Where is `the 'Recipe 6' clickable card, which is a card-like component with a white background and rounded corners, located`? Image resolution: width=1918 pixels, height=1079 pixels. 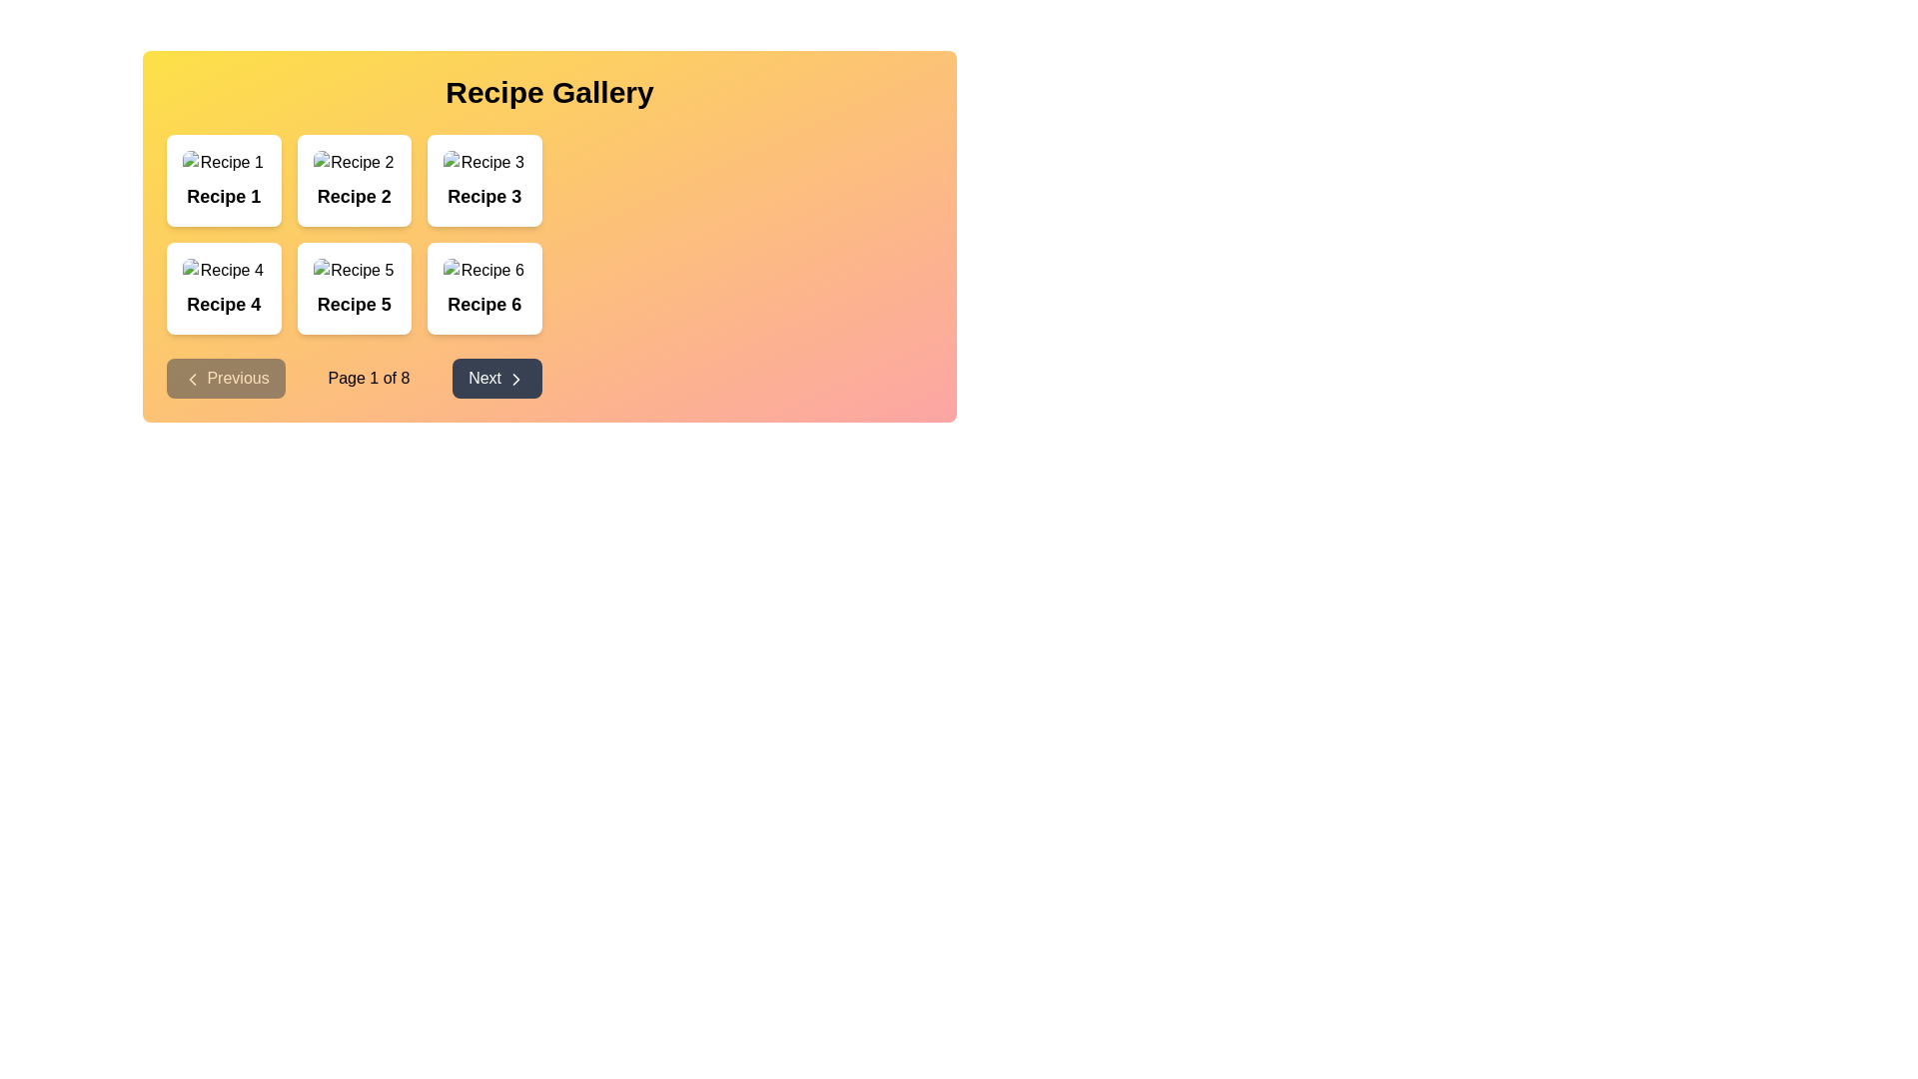 the 'Recipe 6' clickable card, which is a card-like component with a white background and rounded corners, located is located at coordinates (484, 289).